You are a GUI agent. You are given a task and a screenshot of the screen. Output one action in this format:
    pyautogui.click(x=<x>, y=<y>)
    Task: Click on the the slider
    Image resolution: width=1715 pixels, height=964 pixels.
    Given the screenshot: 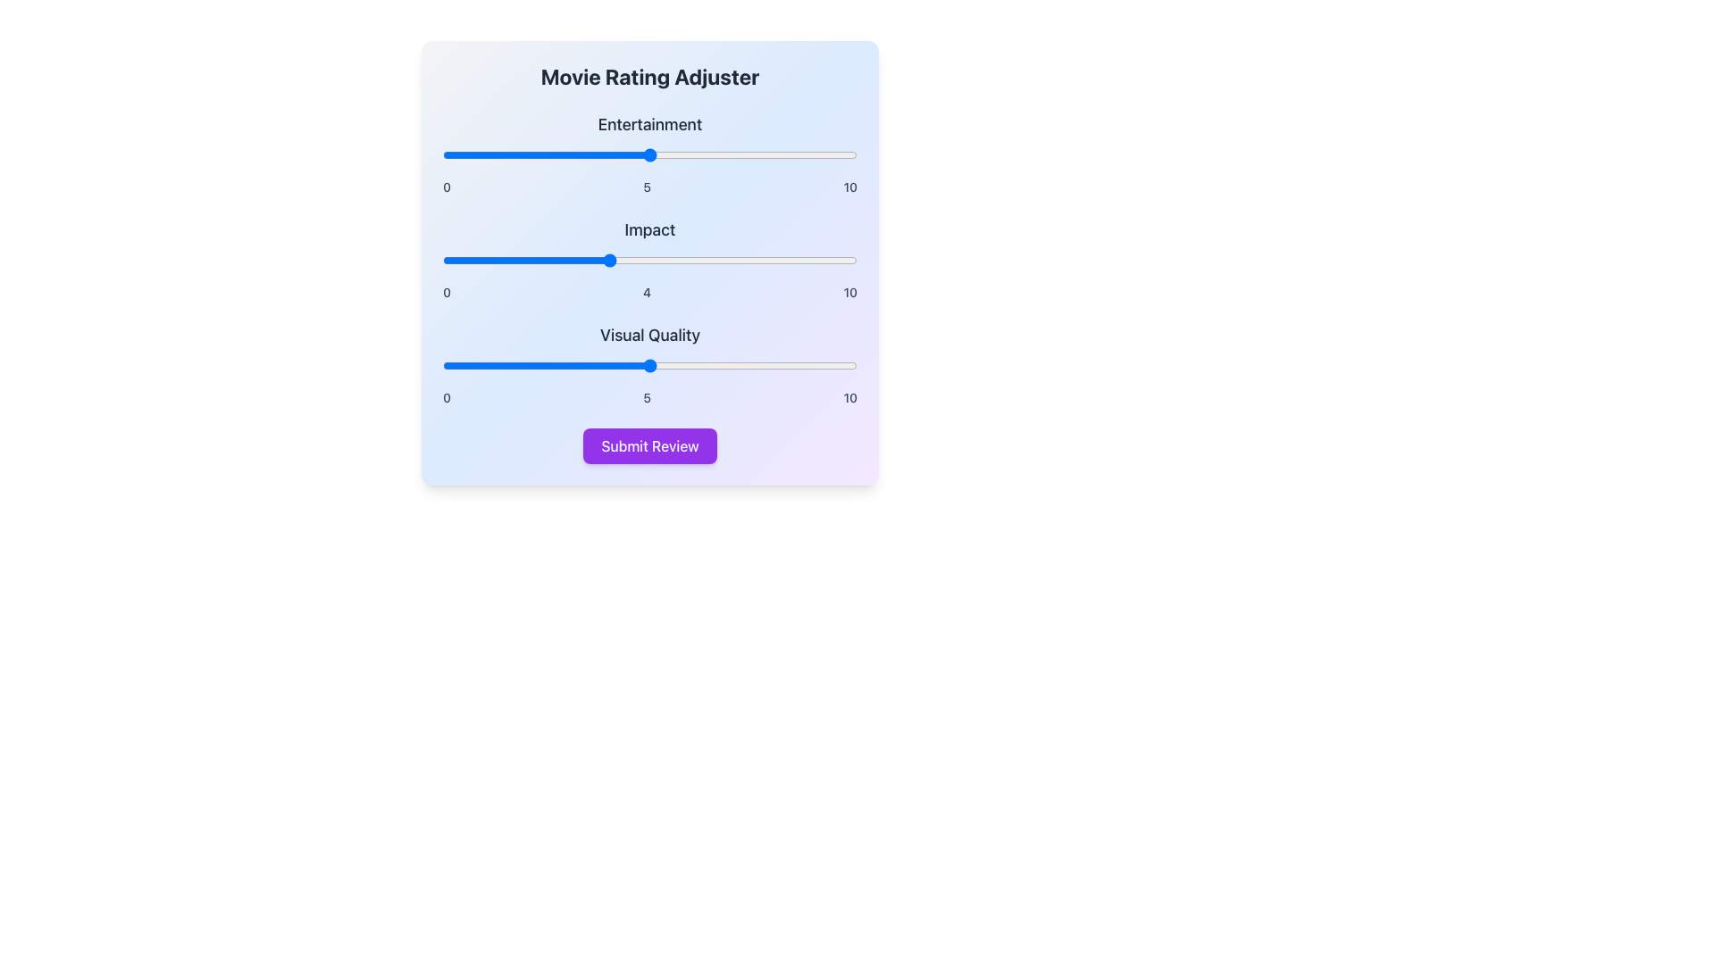 What is the action you would take?
    pyautogui.click(x=649, y=364)
    